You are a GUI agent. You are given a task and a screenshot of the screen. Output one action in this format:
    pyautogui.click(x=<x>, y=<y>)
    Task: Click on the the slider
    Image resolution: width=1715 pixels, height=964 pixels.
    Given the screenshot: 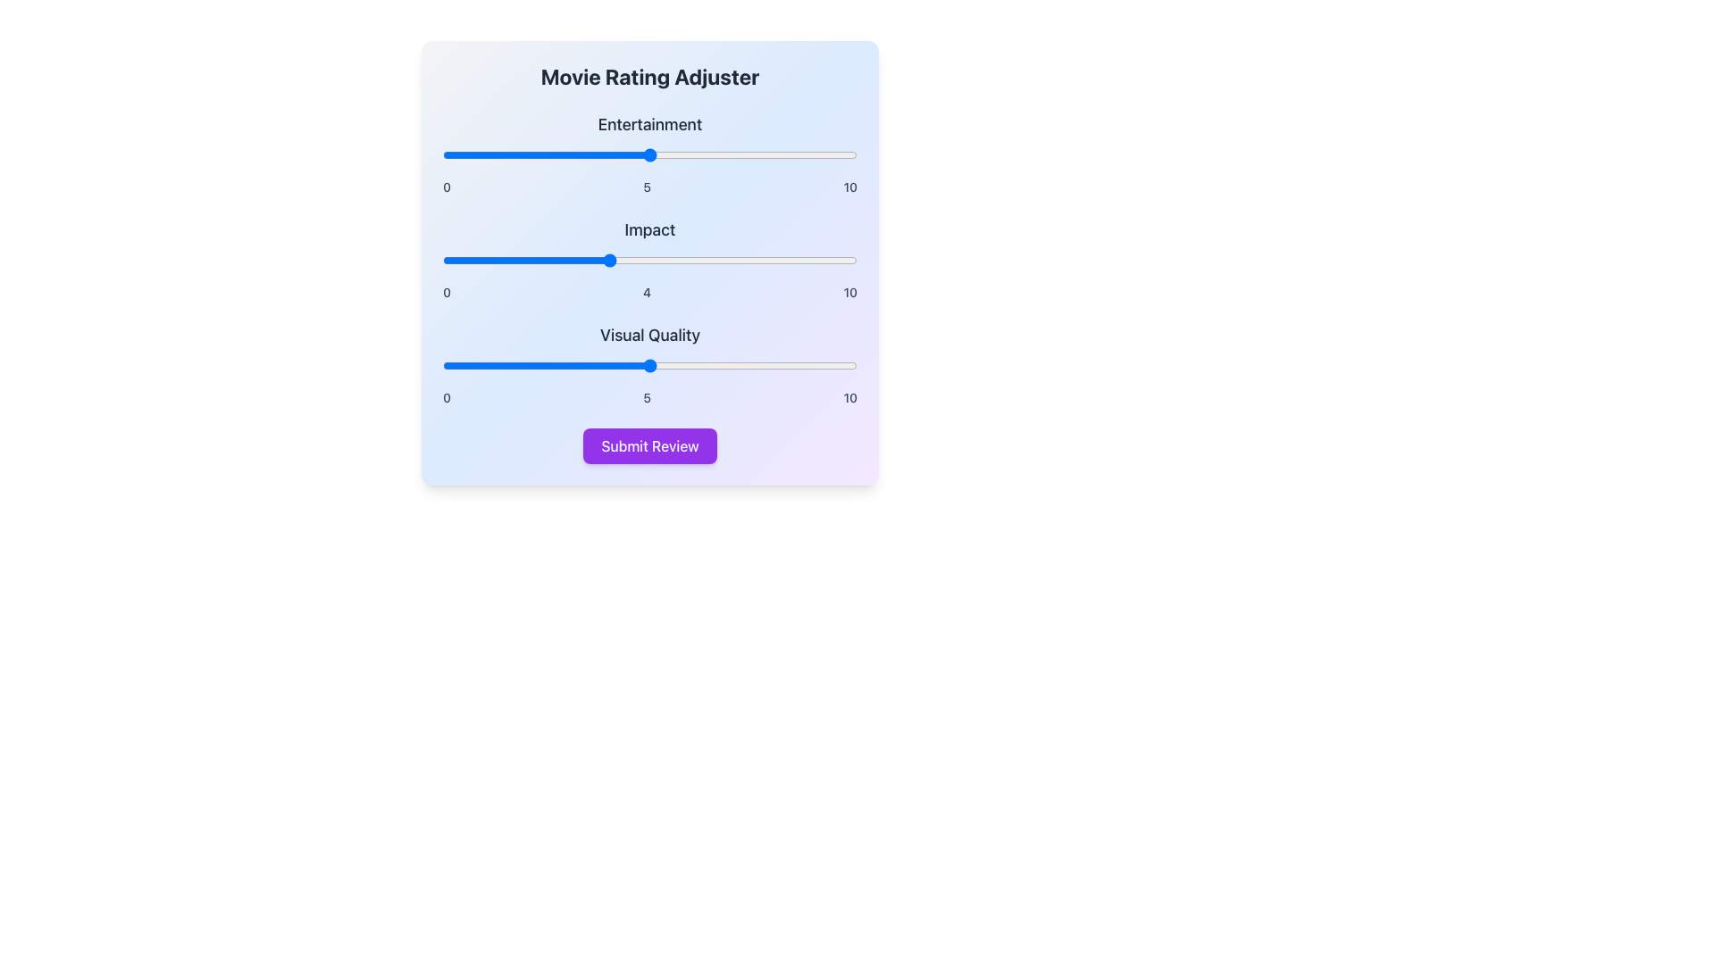 What is the action you would take?
    pyautogui.click(x=649, y=364)
    